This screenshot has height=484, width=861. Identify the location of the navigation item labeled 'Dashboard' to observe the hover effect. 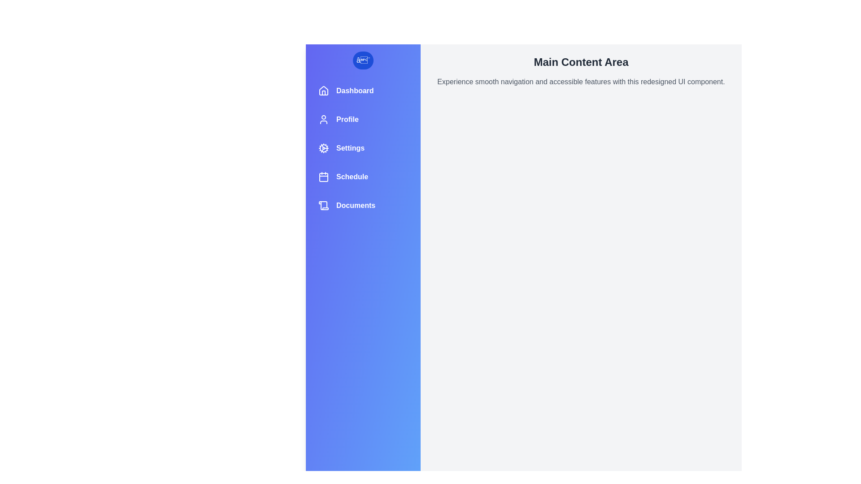
(363, 91).